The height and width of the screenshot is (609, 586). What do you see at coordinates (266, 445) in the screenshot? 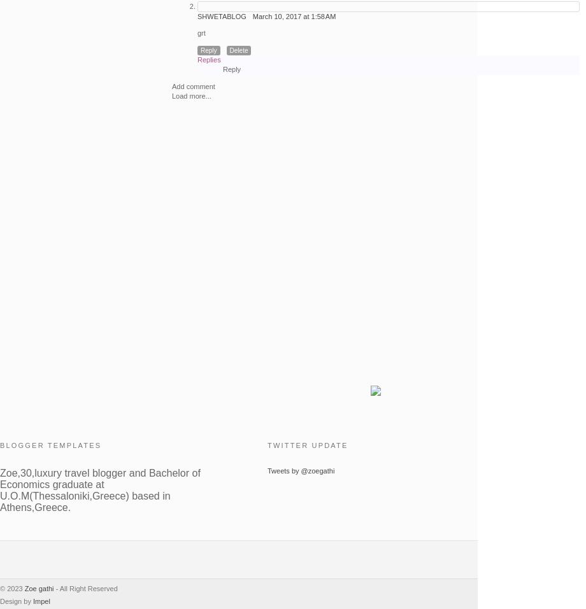
I see `'Twitter Update'` at bounding box center [266, 445].